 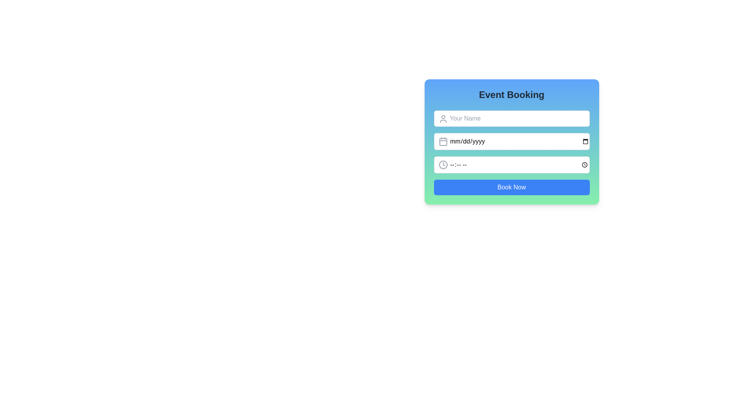 What do you see at coordinates (512, 187) in the screenshot?
I see `the submit button located at the bottom of the 'Event Booking' form to interact` at bounding box center [512, 187].